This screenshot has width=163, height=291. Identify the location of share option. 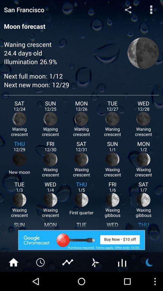
(128, 9).